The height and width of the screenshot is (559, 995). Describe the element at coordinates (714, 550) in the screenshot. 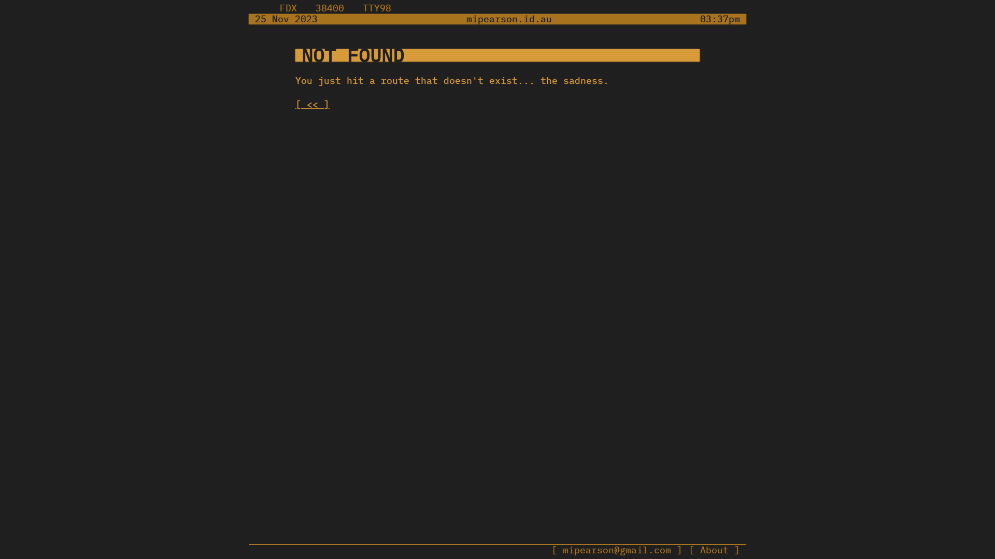

I see `'About'` at that location.